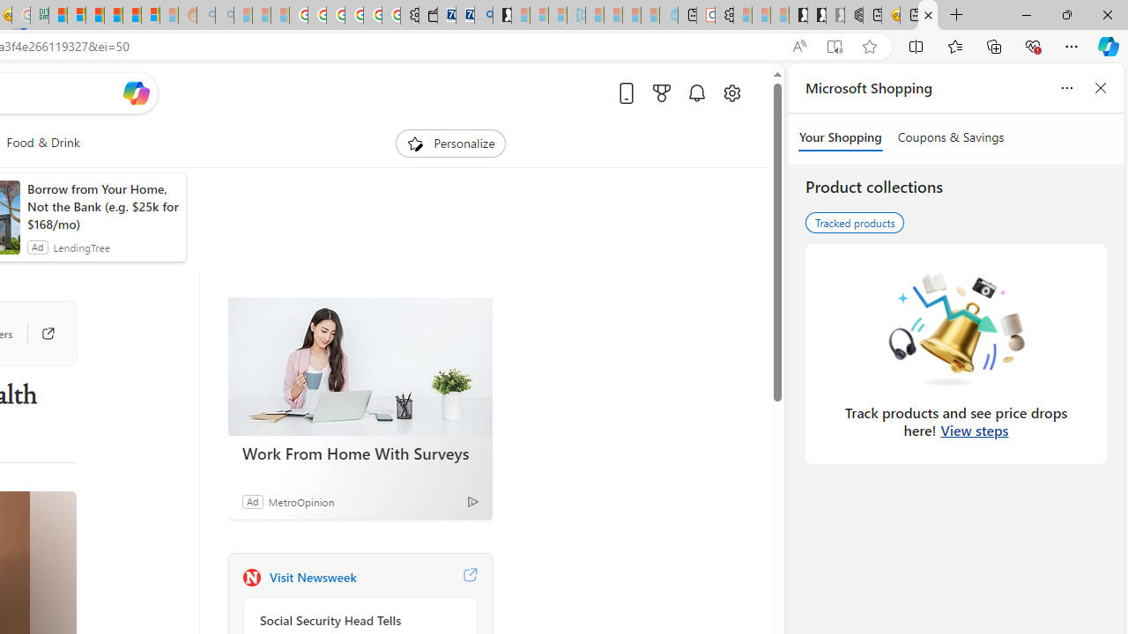 The width and height of the screenshot is (1128, 634). I want to click on 'Go to publisher', so click(39, 334).